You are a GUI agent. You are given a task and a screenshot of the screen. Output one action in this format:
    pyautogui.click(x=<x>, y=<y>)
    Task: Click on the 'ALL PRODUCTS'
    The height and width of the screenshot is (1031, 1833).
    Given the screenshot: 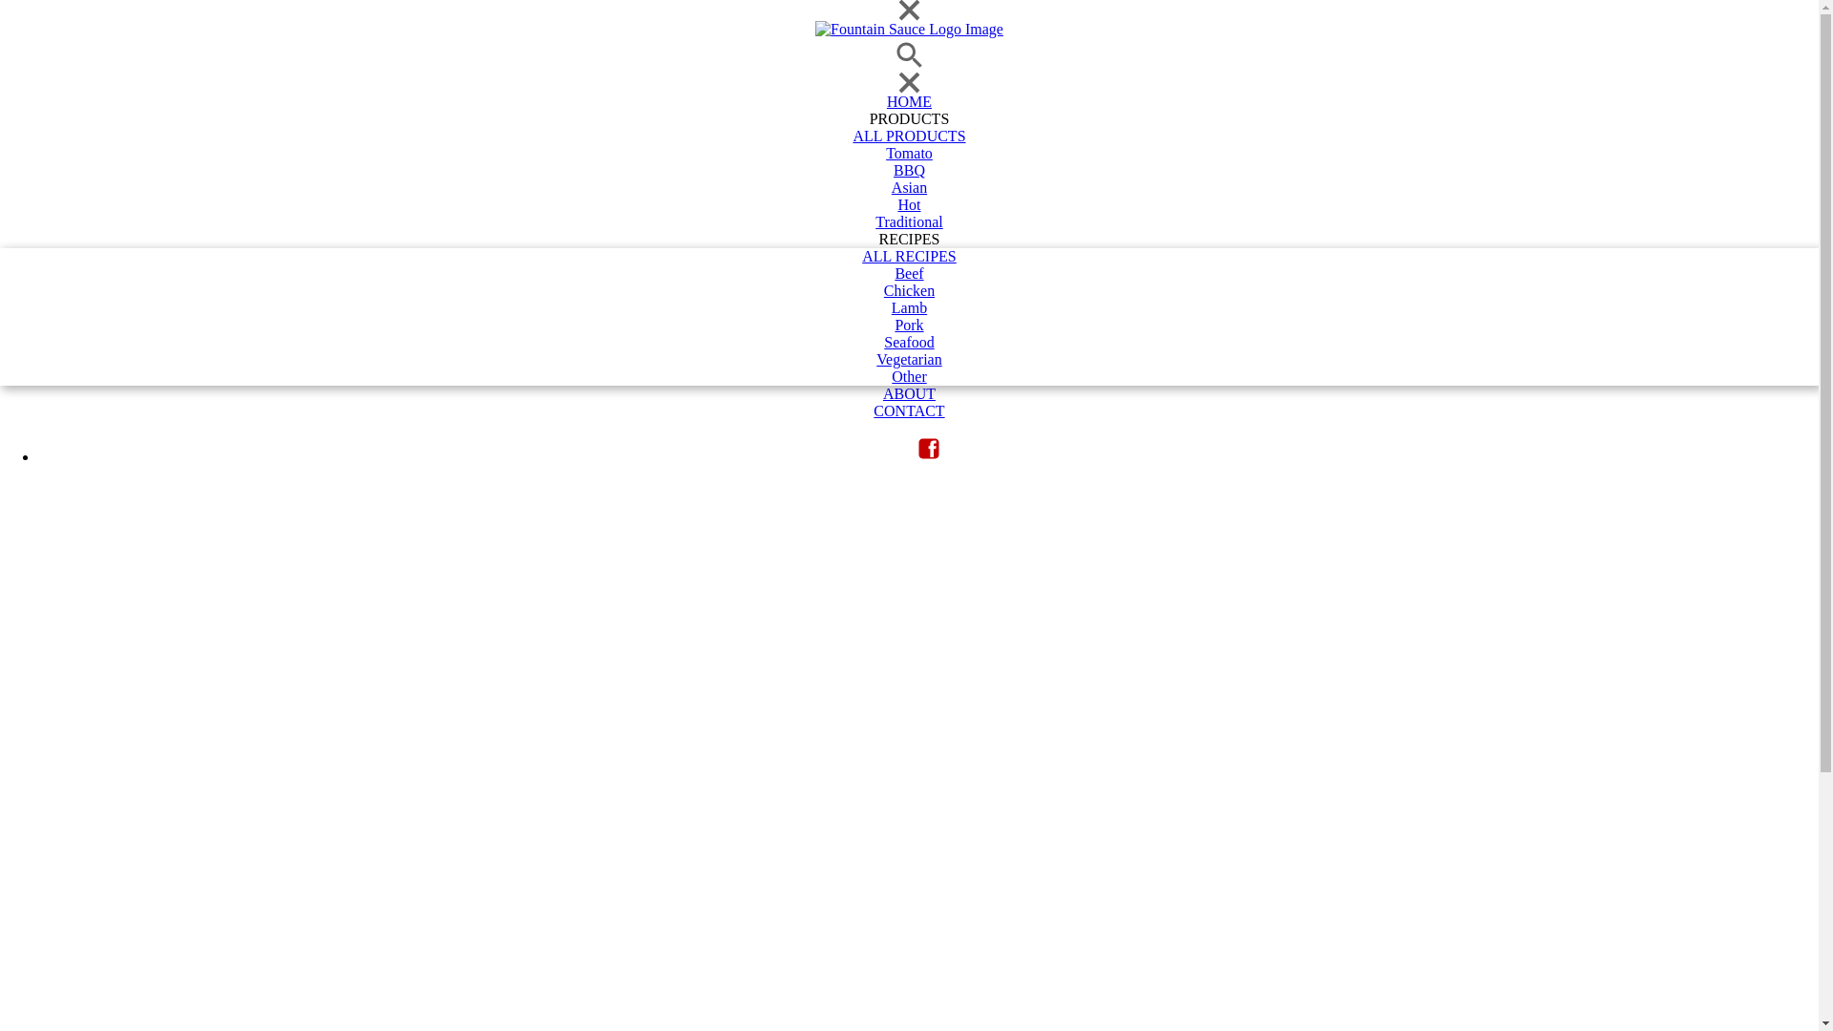 What is the action you would take?
    pyautogui.click(x=908, y=135)
    